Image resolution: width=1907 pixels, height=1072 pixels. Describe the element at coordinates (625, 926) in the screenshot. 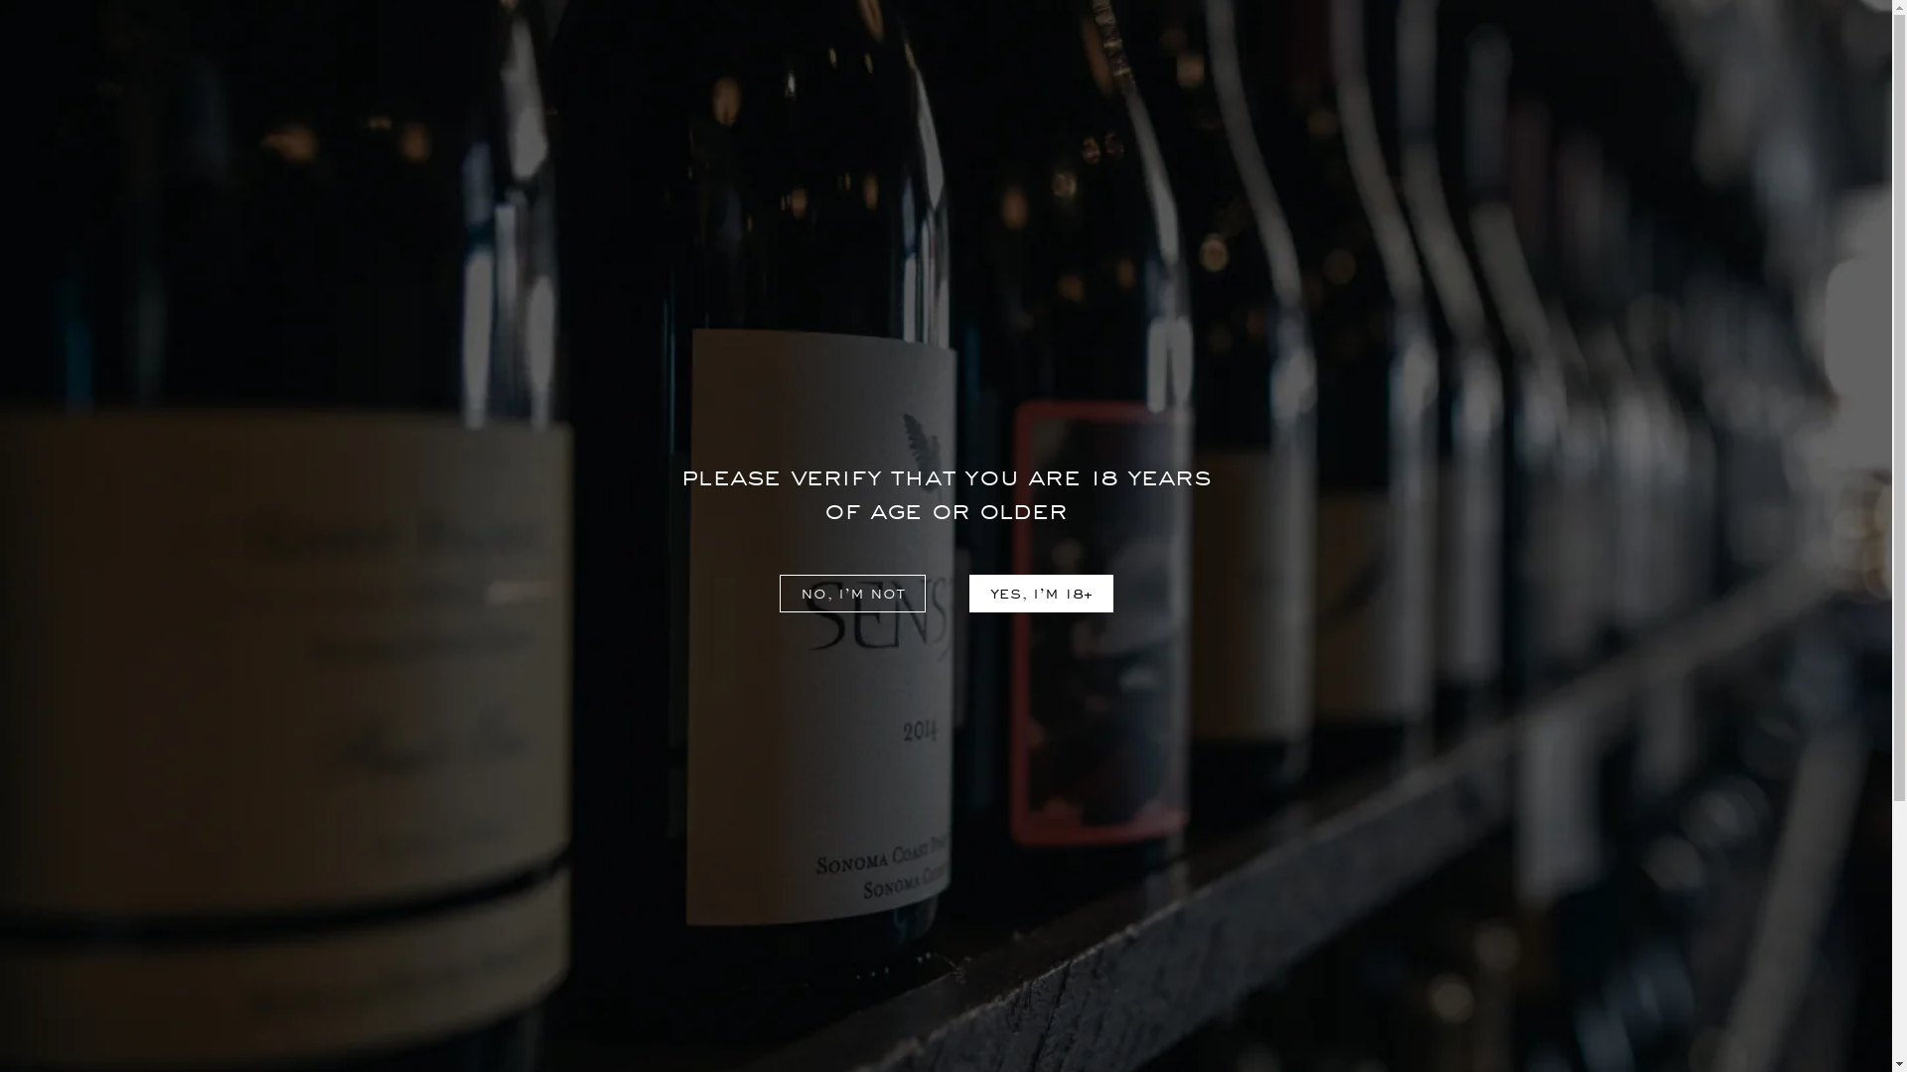

I see `'News'` at that location.